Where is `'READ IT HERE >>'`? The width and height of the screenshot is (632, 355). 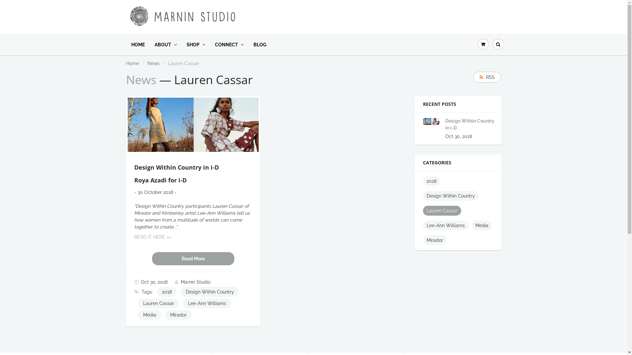 'READ IT HERE >>' is located at coordinates (152, 237).